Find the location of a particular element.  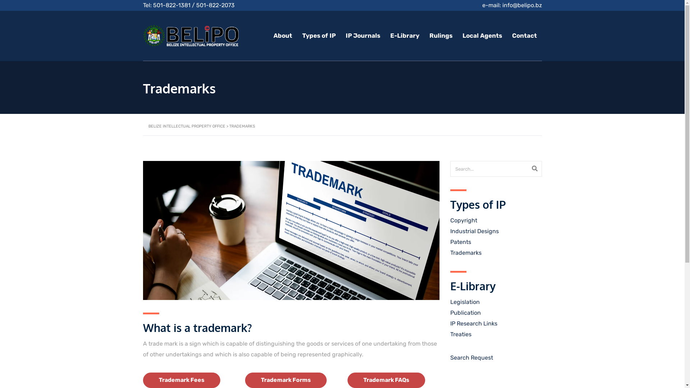

'Copyright' is located at coordinates (463, 220).